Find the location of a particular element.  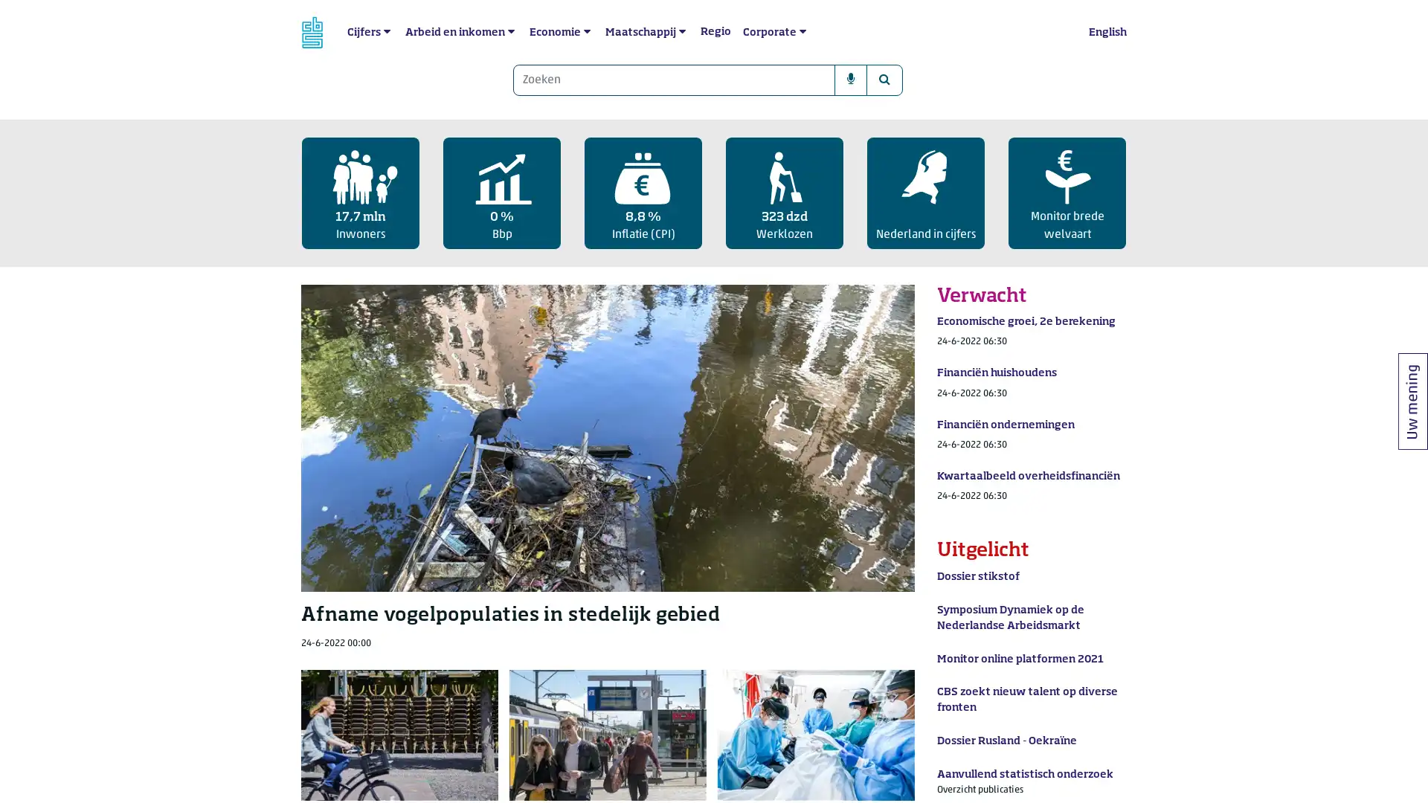

submenu Corporate is located at coordinates (802, 31).